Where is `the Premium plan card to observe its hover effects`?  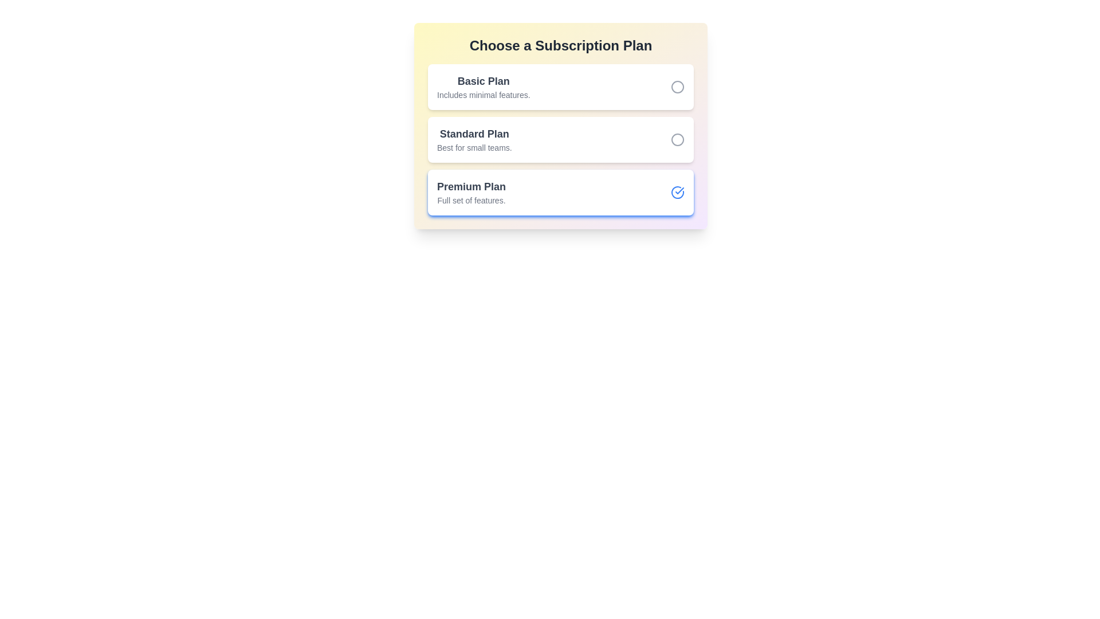
the Premium plan card to observe its hover effects is located at coordinates (561, 191).